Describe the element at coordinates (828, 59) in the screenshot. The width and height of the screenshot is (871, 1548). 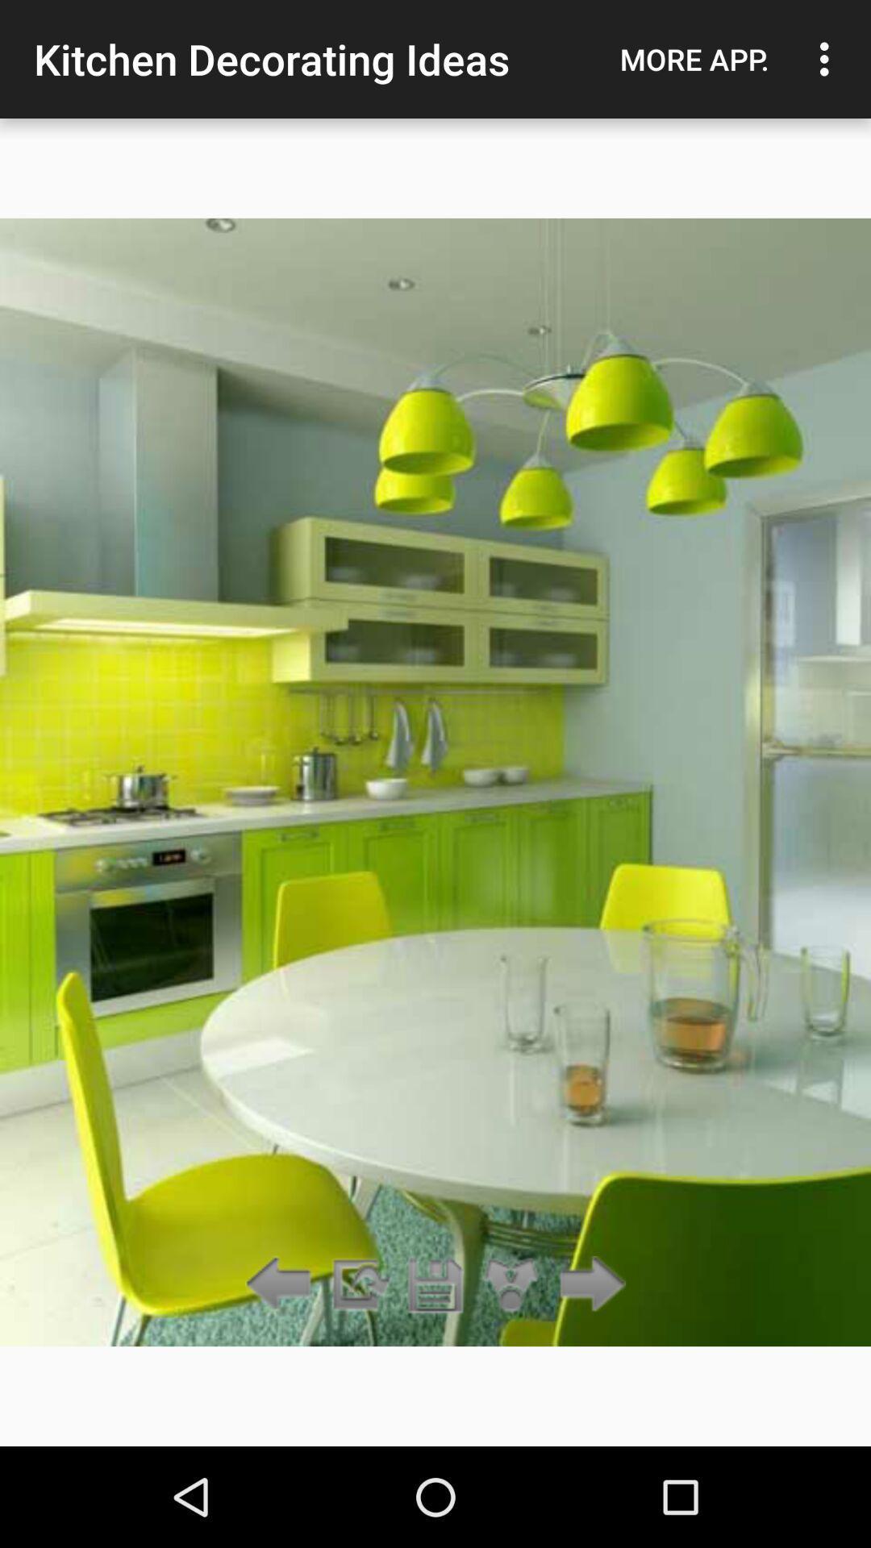
I see `the item next to the more app. item` at that location.